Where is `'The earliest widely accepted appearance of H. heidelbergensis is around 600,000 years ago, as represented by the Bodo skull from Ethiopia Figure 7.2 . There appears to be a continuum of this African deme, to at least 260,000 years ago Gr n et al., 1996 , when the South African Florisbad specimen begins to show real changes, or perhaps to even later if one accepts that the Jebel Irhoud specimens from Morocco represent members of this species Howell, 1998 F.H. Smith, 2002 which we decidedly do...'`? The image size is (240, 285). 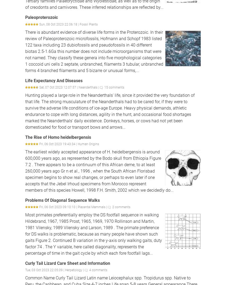
'The earliest widely accepted appearance of H. heidelbergensis is around 600,000 years ago, as represented by the Bodo skull from Ethiopia Figure 7.2 . There appears to be a continuum of this African deme, to at least 260,000 years ago Gr n et al., 1996 , when the South African Florisbad specimen begins to show real changes, or perhaps to even later if one accepts that the Jebel Irhoud specimens from Morocco represent members of this species Howell, 1998 F.H. Smith, 2002 which we decidedly do...' is located at coordinates (99, 171).